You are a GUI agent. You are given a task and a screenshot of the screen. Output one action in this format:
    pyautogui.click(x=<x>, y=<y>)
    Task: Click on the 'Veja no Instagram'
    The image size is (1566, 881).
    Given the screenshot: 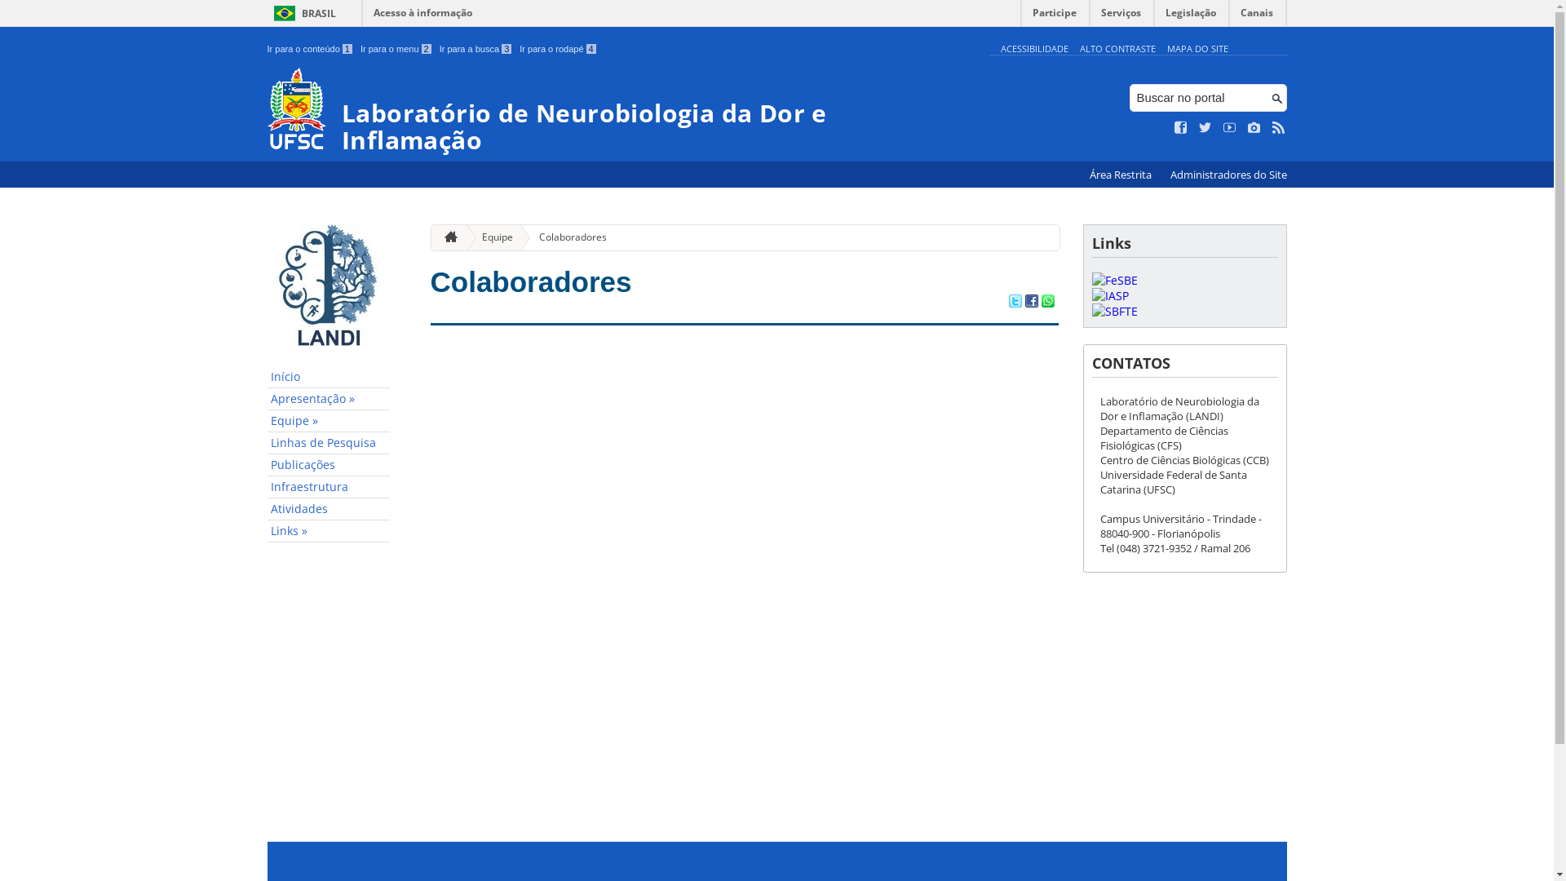 What is the action you would take?
    pyautogui.click(x=1253, y=127)
    